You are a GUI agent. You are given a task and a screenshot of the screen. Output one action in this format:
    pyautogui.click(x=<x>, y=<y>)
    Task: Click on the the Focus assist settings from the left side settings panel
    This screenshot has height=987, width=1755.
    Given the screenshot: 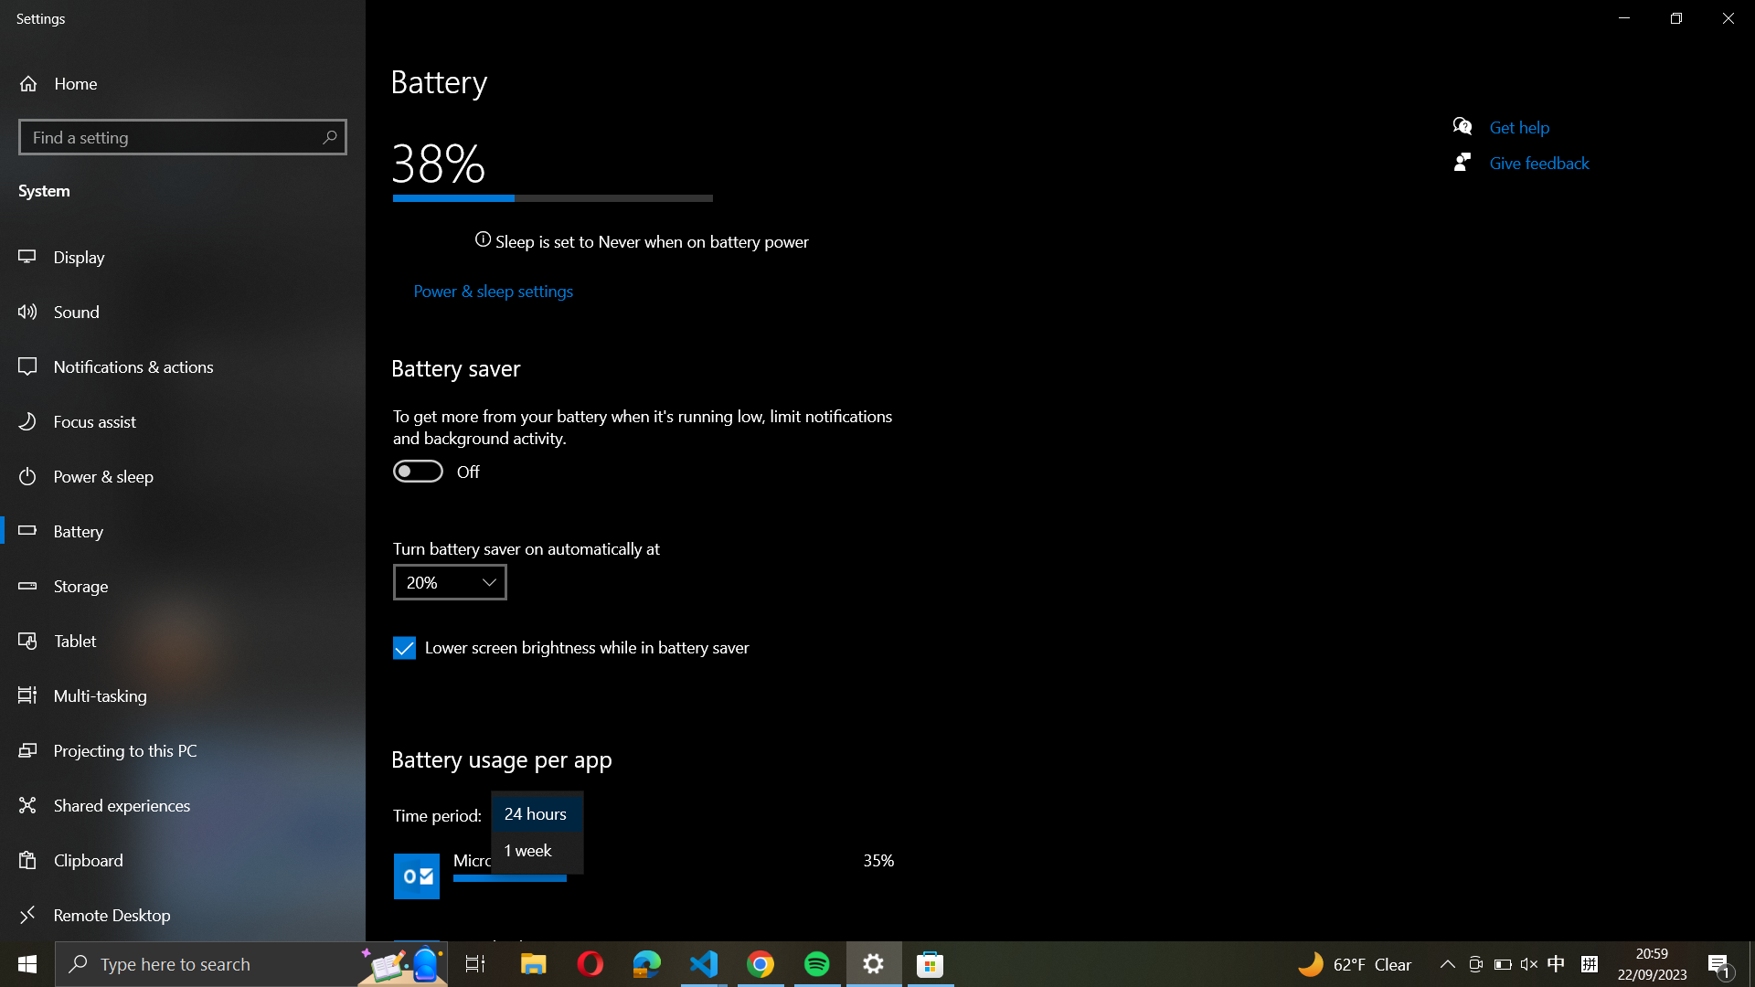 What is the action you would take?
    pyautogui.click(x=185, y=422)
    